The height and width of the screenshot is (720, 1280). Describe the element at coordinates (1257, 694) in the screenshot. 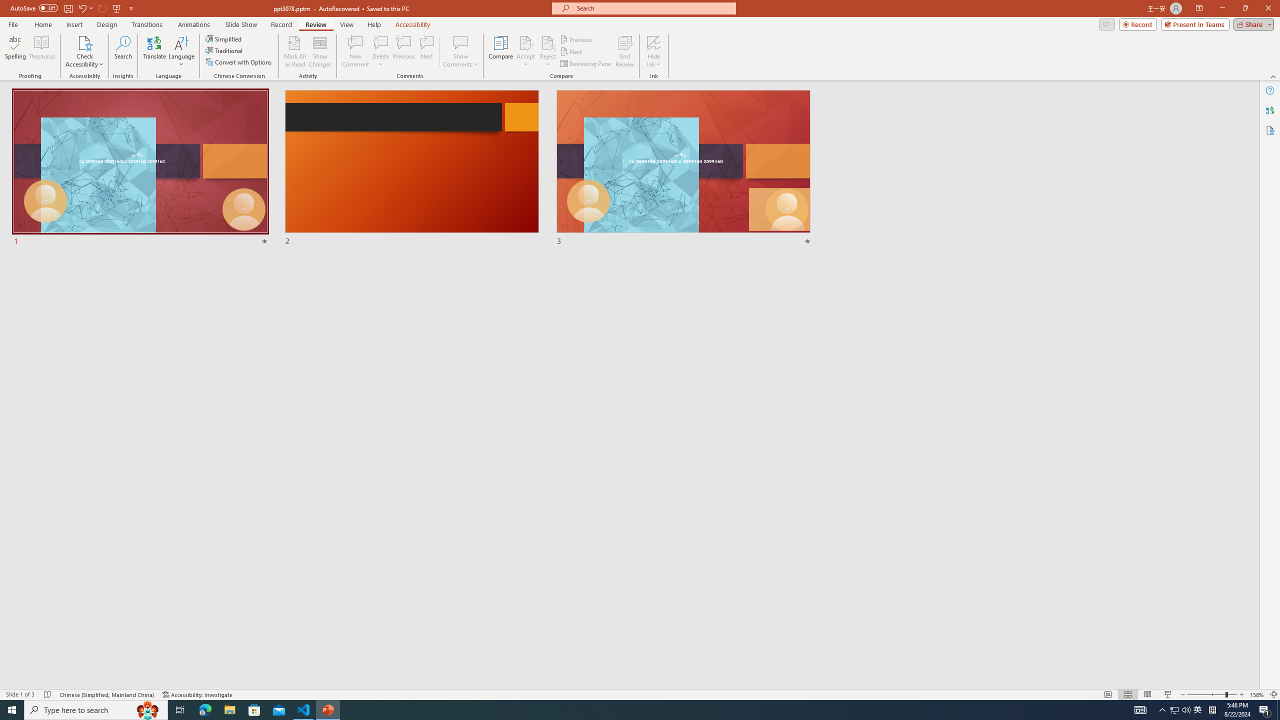

I see `'Zoom 158%'` at that location.